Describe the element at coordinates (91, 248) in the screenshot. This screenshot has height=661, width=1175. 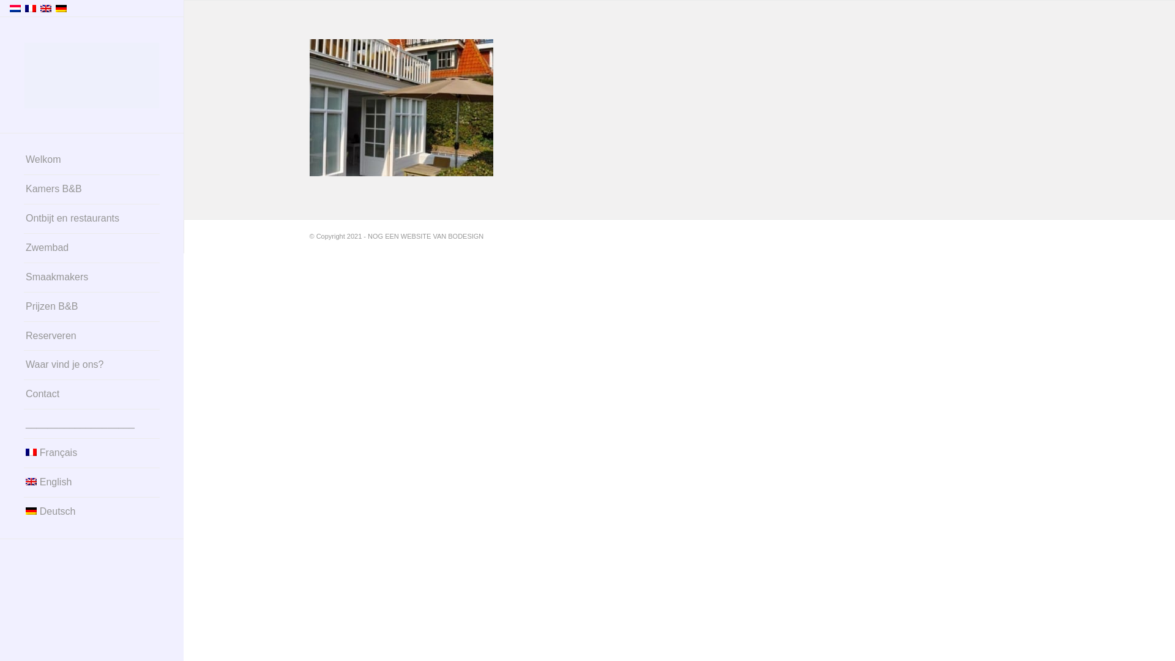
I see `'Zwembad'` at that location.